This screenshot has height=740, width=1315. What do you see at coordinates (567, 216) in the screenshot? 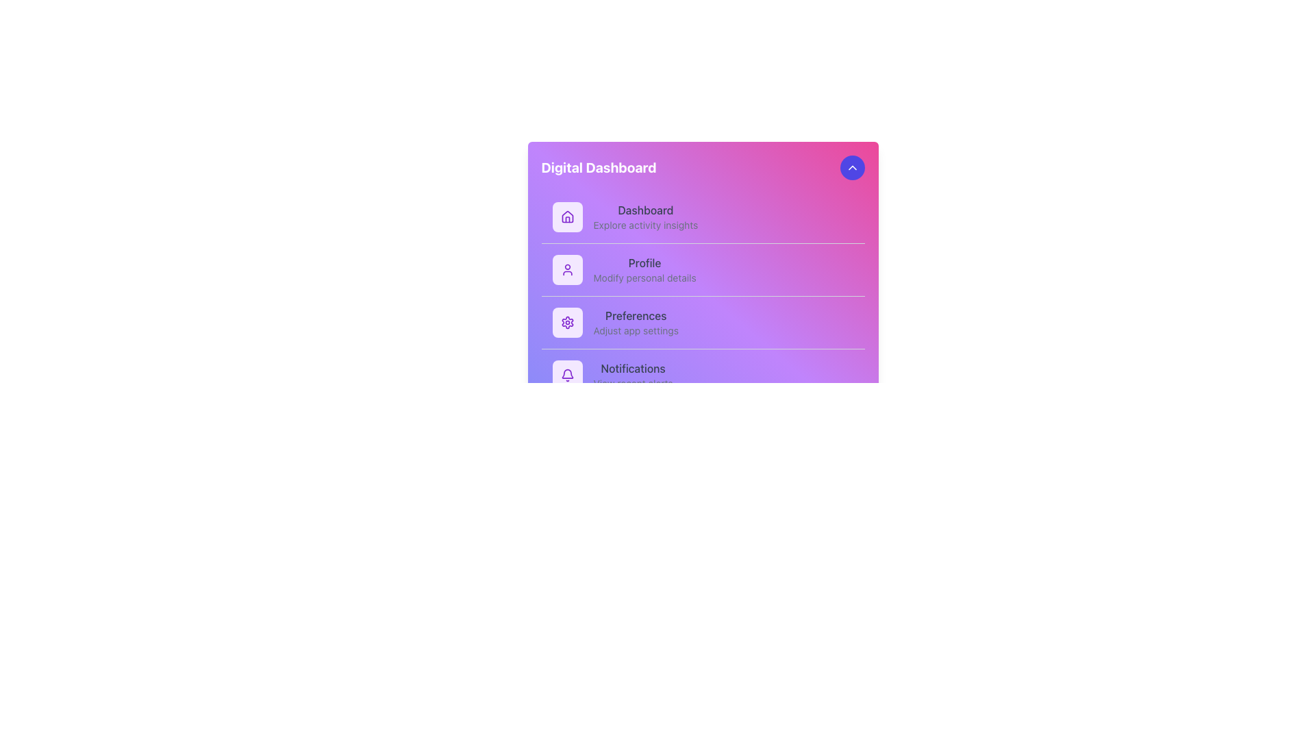
I see `the purple circular icon representing the 'Dashboard' section of the sidebar menu` at bounding box center [567, 216].